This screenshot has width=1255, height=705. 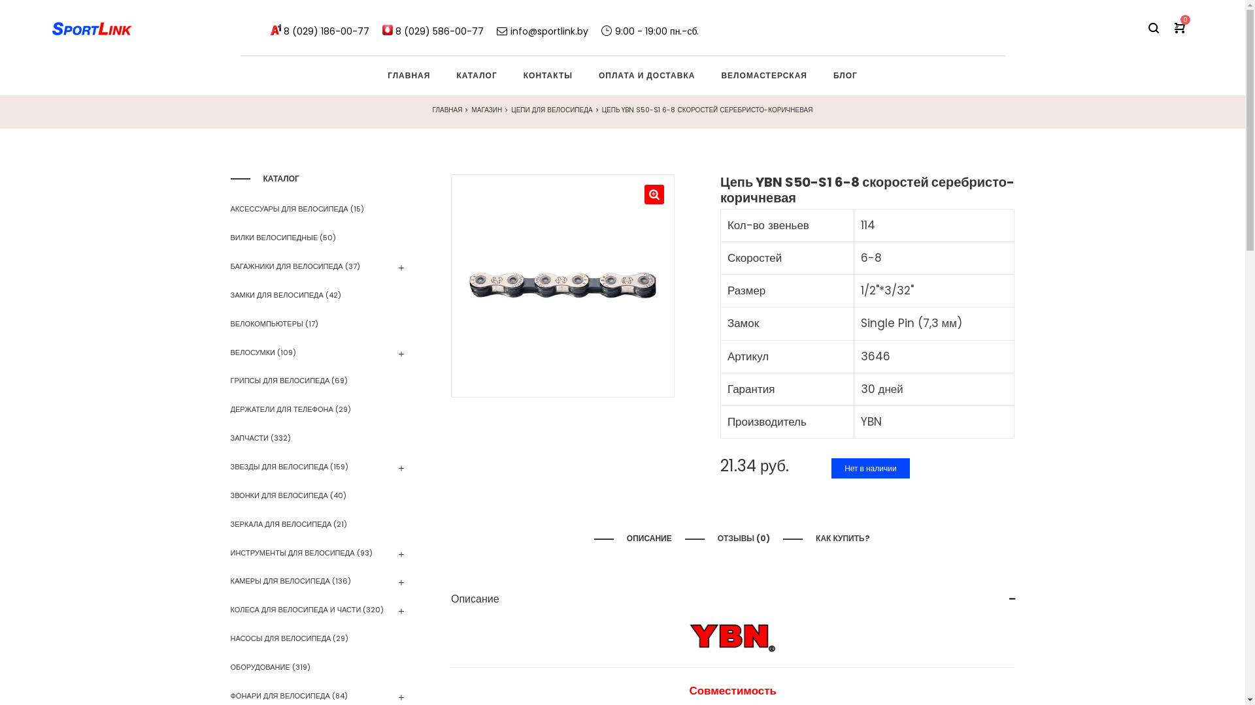 I want to click on '8 (029) 186-00-77', so click(x=326, y=27).